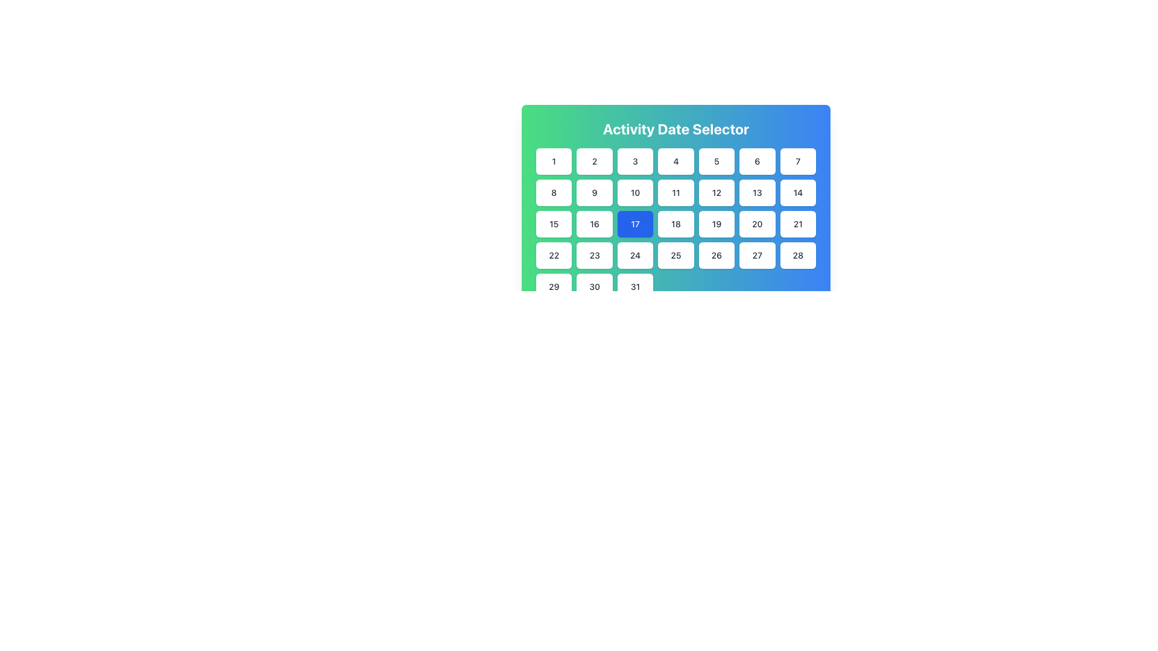  What do you see at coordinates (594, 286) in the screenshot?
I see `the button representing the selectable date '30' in the calendar interface` at bounding box center [594, 286].